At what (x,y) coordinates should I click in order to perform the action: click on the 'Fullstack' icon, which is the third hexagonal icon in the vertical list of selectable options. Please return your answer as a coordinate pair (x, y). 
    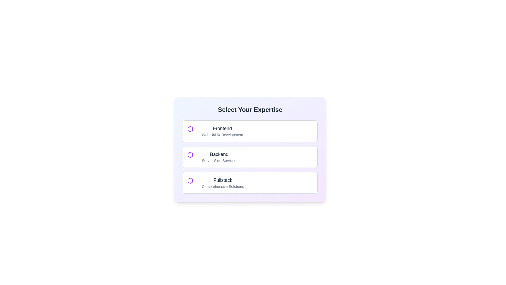
    Looking at the image, I should click on (190, 180).